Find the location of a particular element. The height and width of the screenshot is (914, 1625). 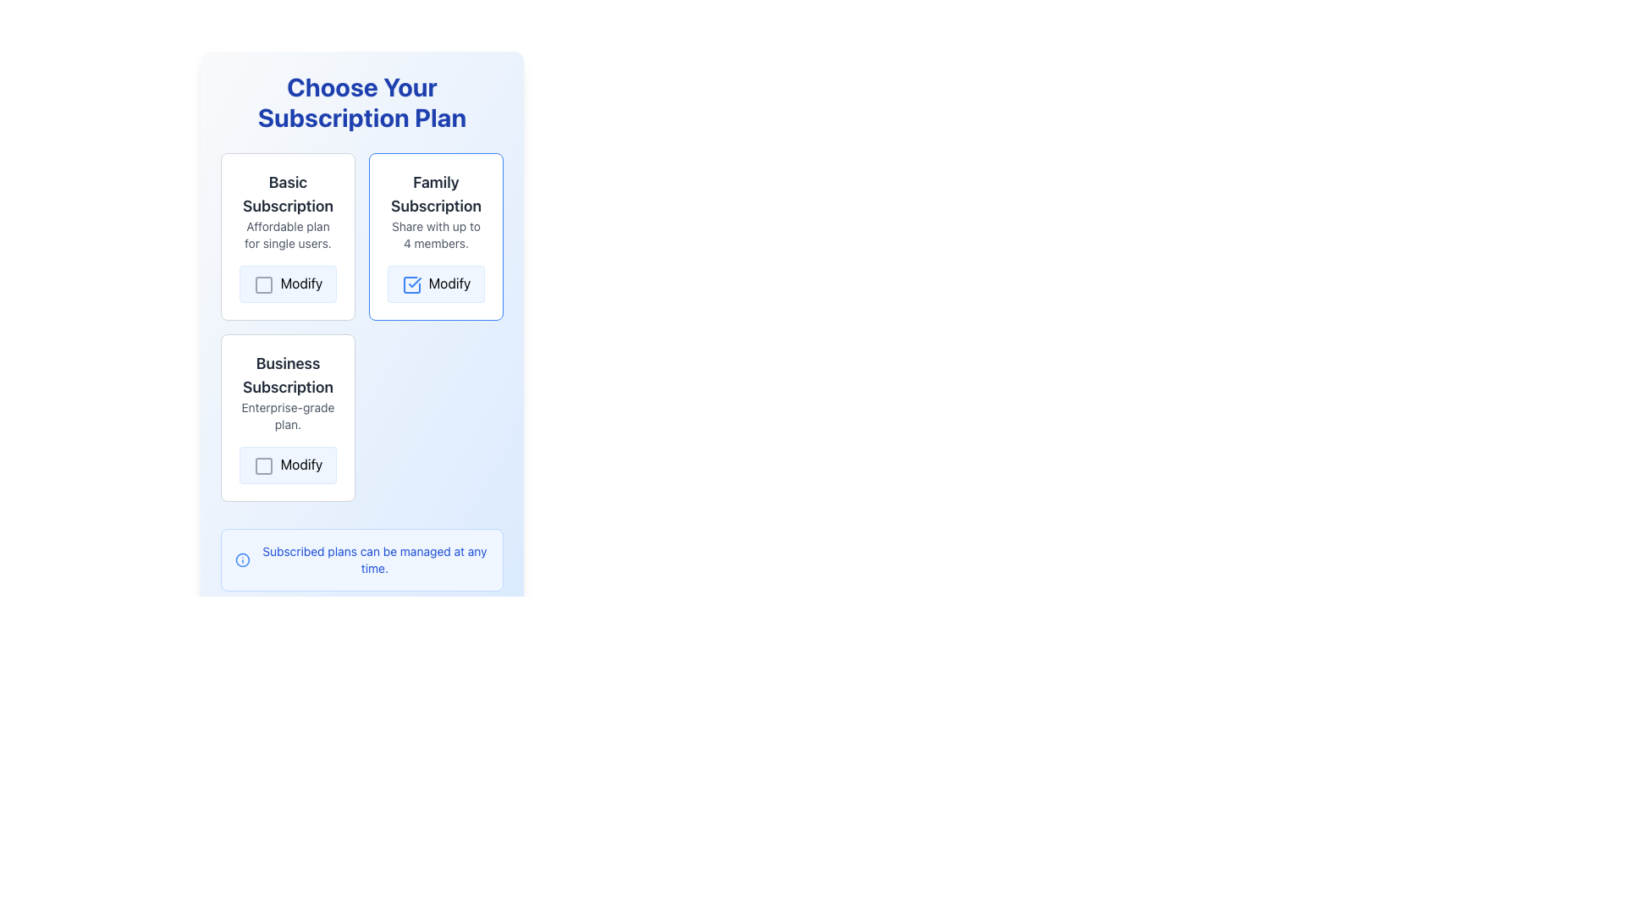

the blue square icon with a checkmark inside, which is located within the 'Modify' button of the 'Family Subscription' section is located at coordinates (411, 284).